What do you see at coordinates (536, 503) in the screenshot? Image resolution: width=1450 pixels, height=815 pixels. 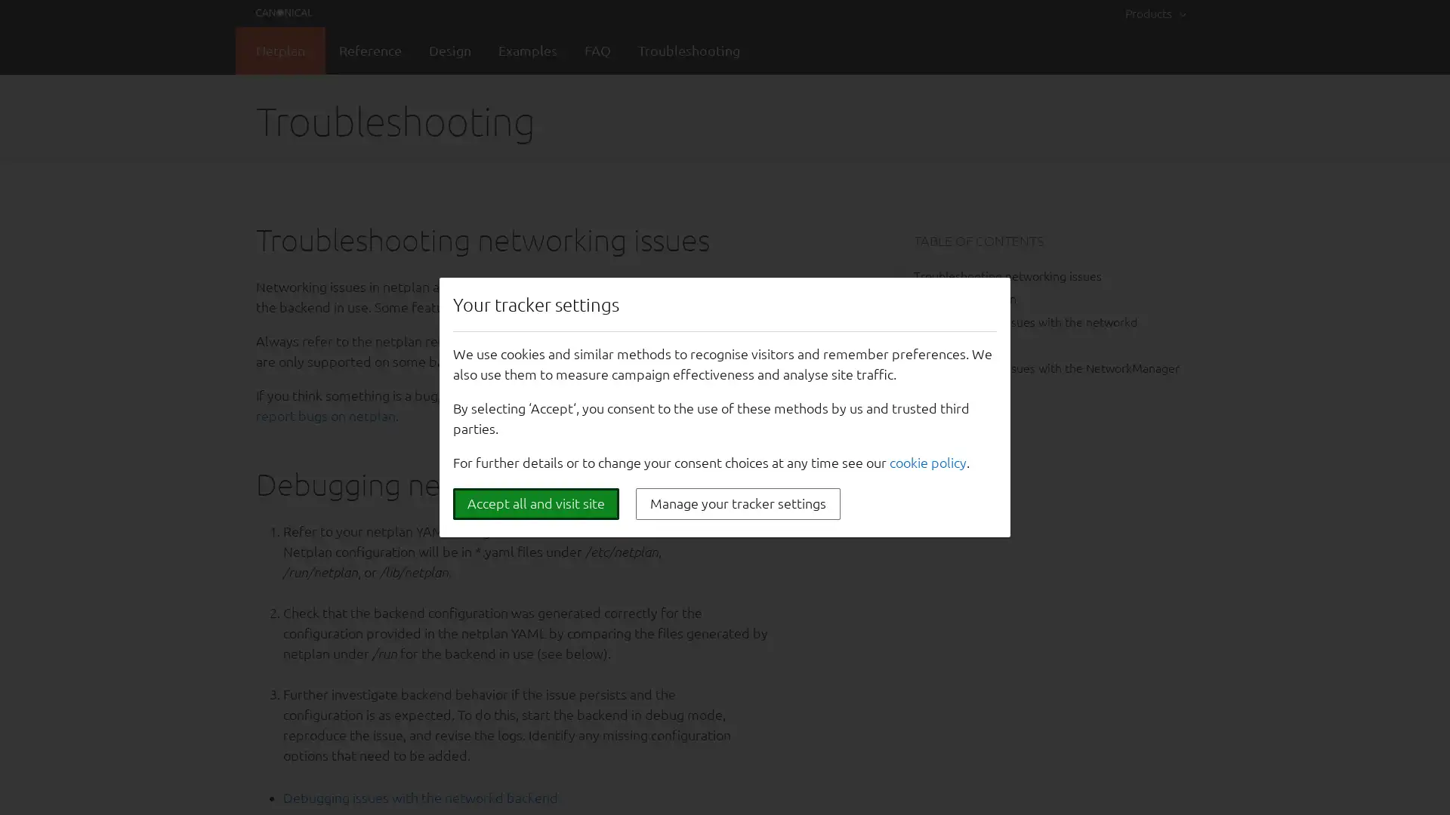 I see `Accept all and visit site` at bounding box center [536, 503].